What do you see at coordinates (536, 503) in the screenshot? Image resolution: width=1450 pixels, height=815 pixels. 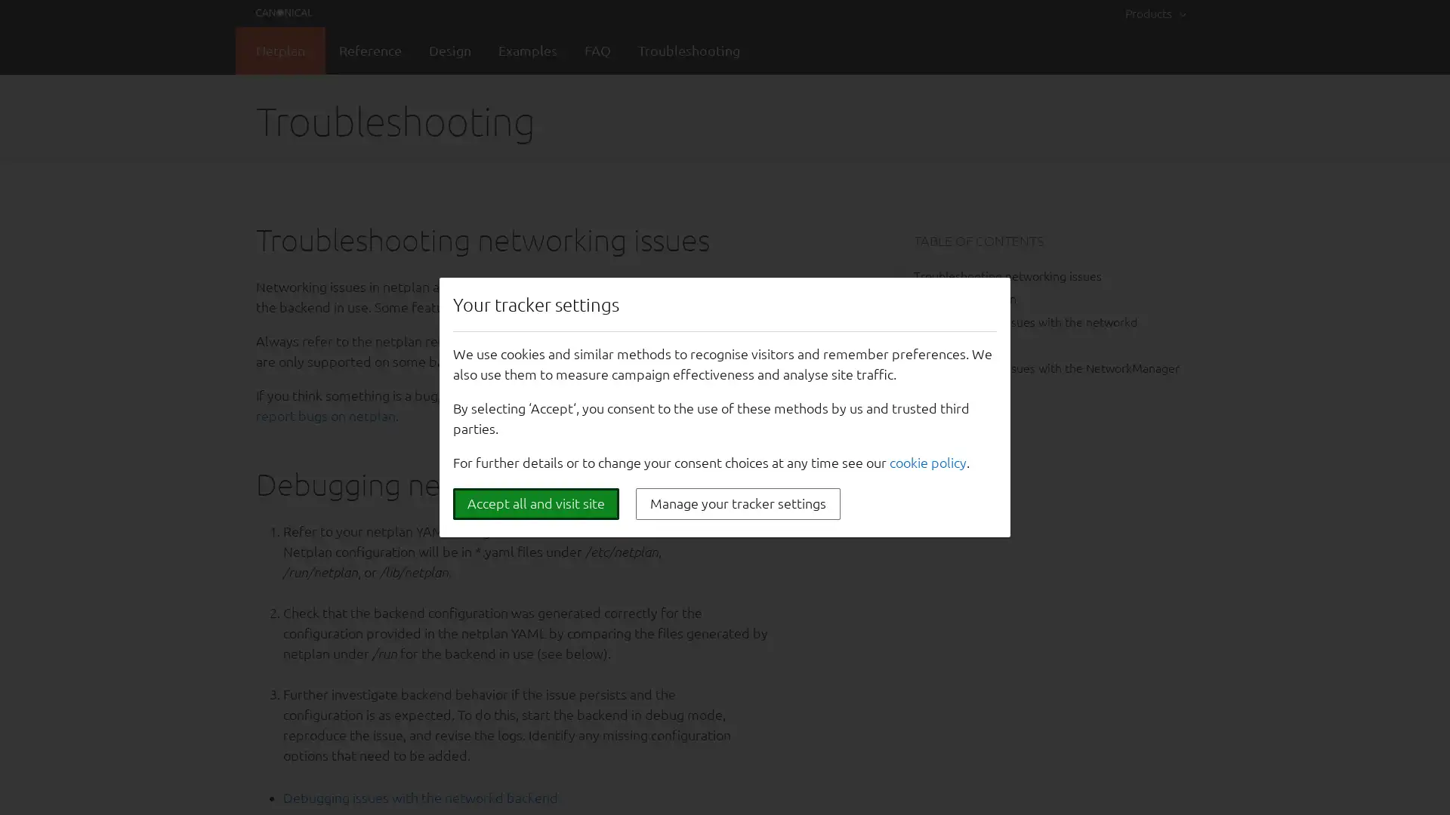 I see `Accept all and visit site` at bounding box center [536, 503].